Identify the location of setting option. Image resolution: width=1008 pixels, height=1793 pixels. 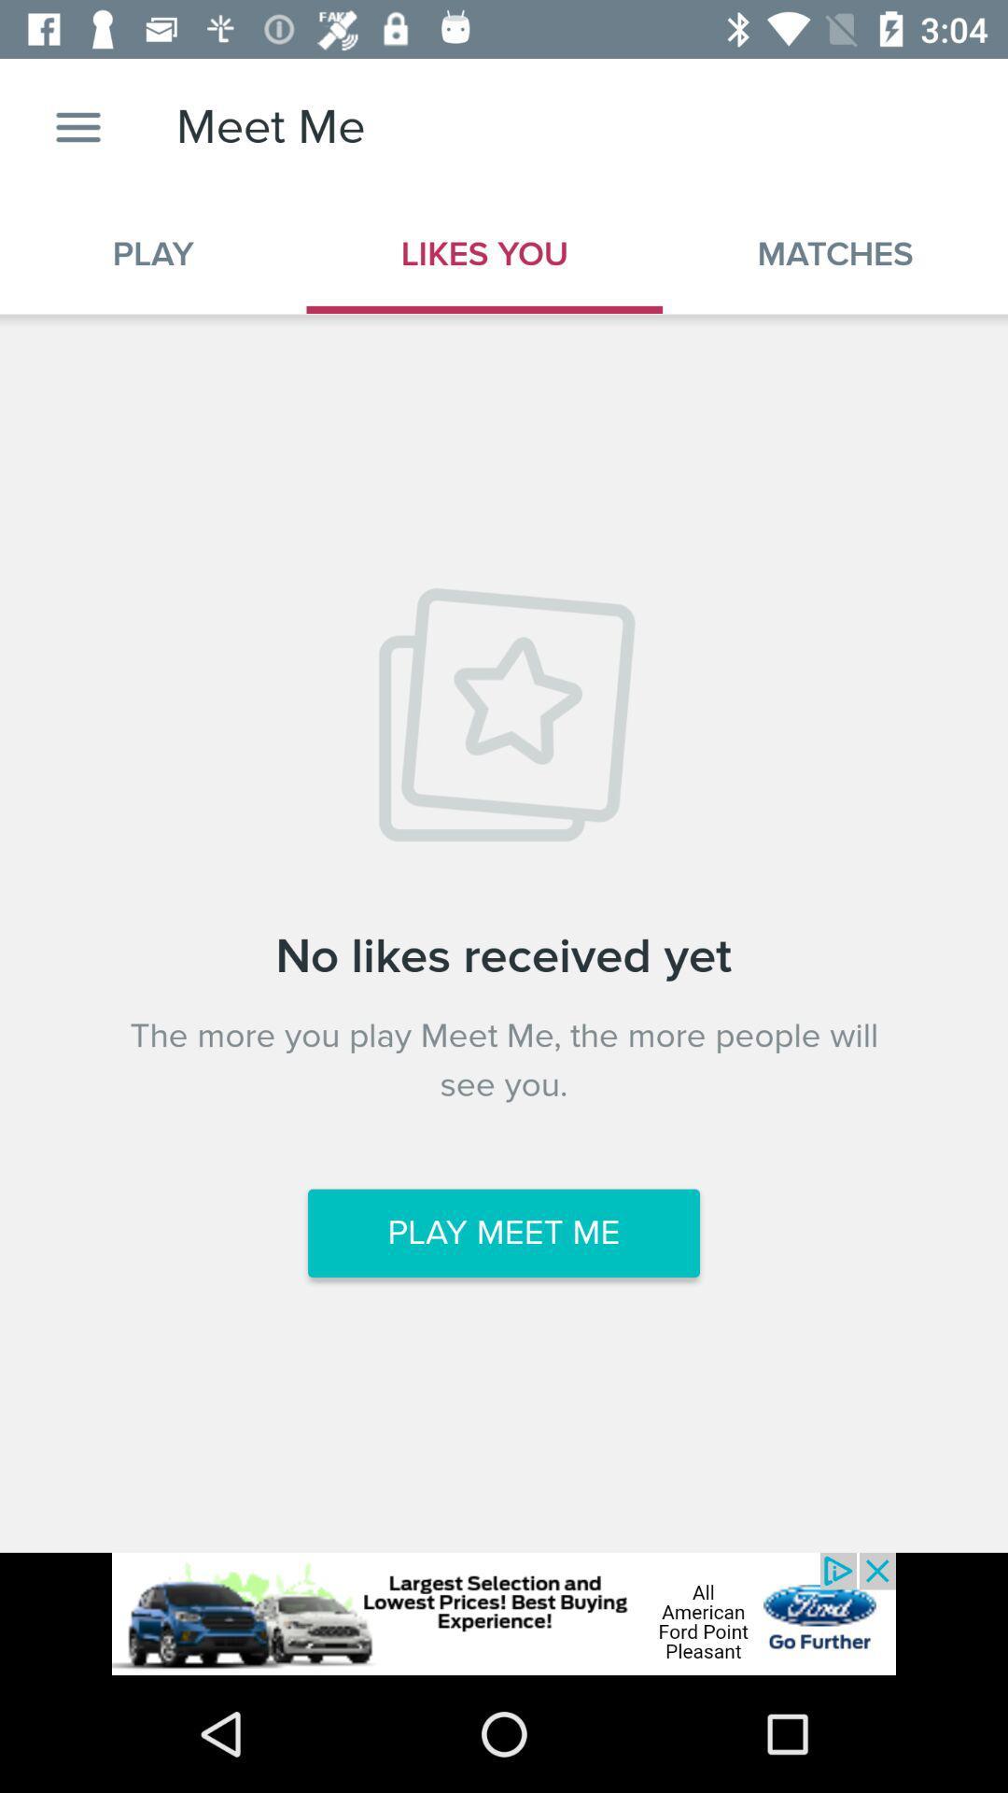
(77, 126).